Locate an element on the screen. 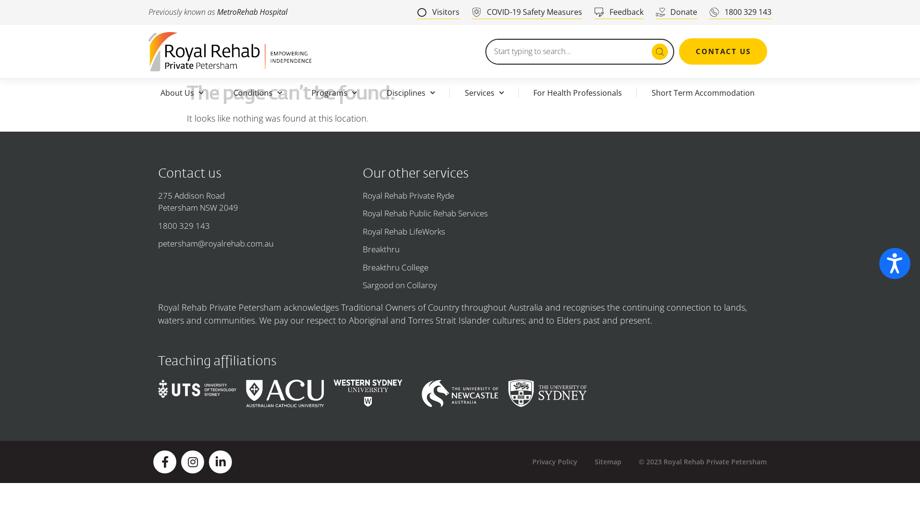 This screenshot has width=920, height=517. 'Programs' is located at coordinates (334, 92).